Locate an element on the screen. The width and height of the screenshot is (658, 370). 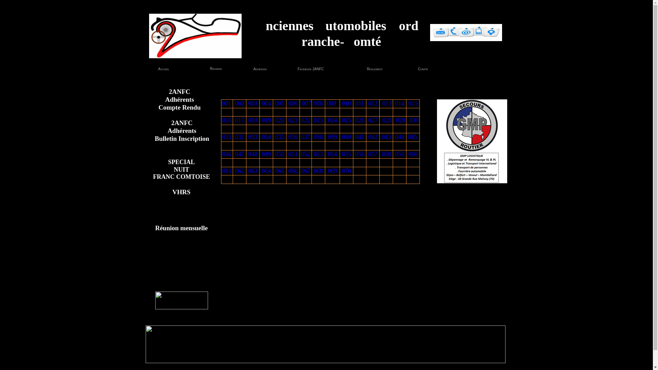
'051' is located at coordinates (288, 154).